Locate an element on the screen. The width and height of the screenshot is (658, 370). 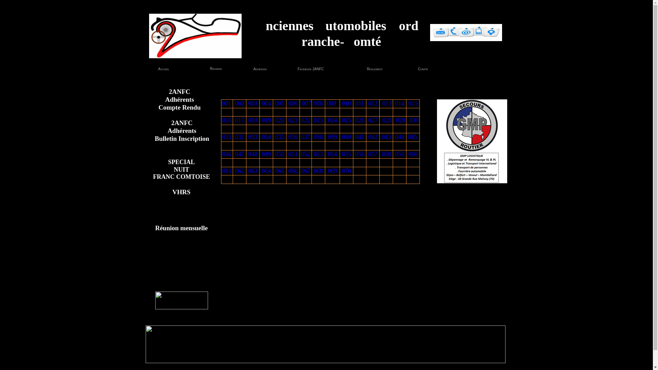
'051' is located at coordinates (288, 154).